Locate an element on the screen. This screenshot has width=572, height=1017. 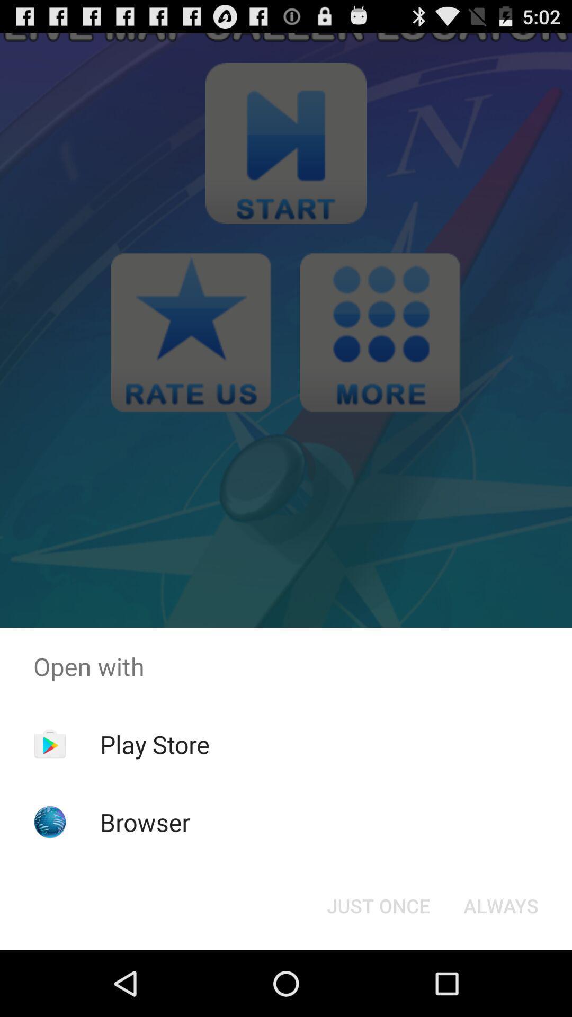
the browser item is located at coordinates (145, 822).